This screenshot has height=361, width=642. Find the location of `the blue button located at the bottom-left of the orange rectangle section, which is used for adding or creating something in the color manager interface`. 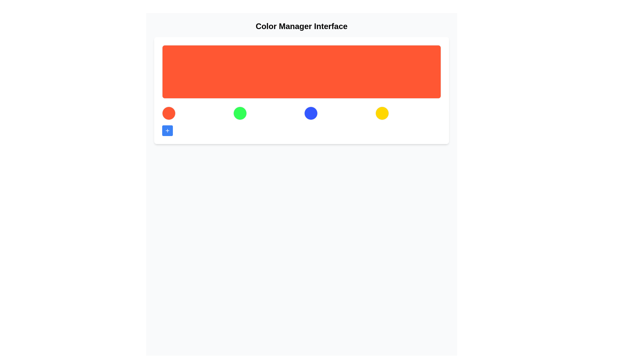

the blue button located at the bottom-left of the orange rectangle section, which is used for adding or creating something in the color manager interface is located at coordinates (167, 130).